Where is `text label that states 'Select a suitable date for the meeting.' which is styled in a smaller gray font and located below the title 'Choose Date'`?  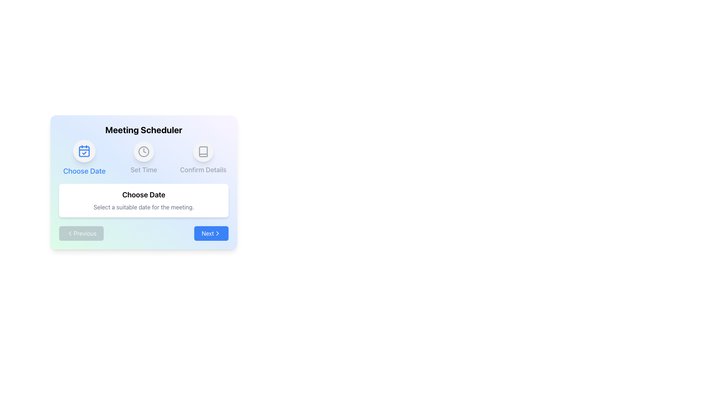 text label that states 'Select a suitable date for the meeting.' which is styled in a smaller gray font and located below the title 'Choose Date' is located at coordinates (143, 207).